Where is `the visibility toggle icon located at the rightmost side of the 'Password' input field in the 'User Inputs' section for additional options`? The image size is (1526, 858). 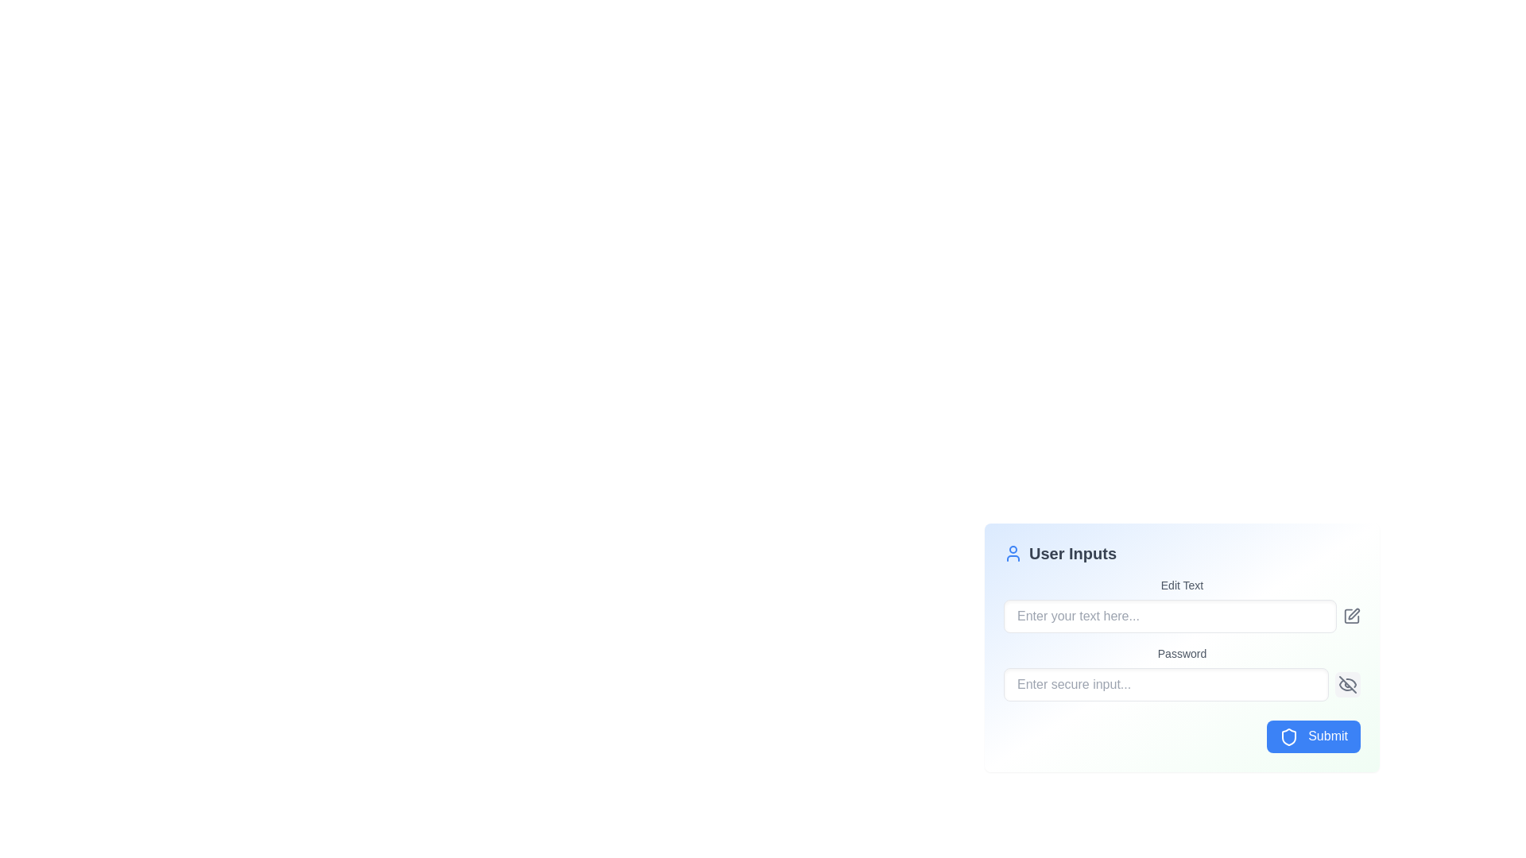
the visibility toggle icon located at the rightmost side of the 'Password' input field in the 'User Inputs' section for additional options is located at coordinates (1346, 683).